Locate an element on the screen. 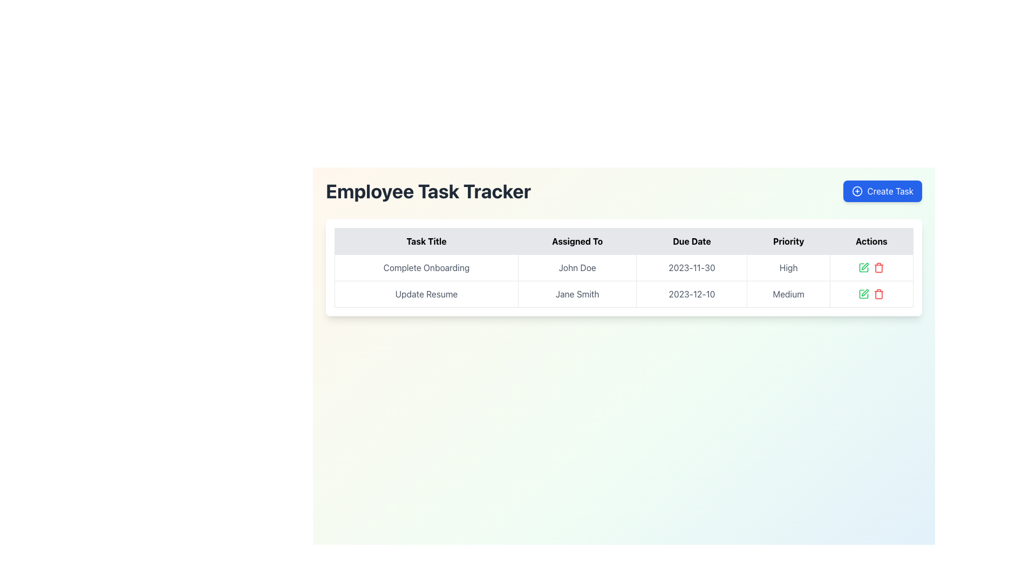  the 'High' text label in the 'Priority' column of the 'Complete Onboarding' task row is located at coordinates (788, 267).